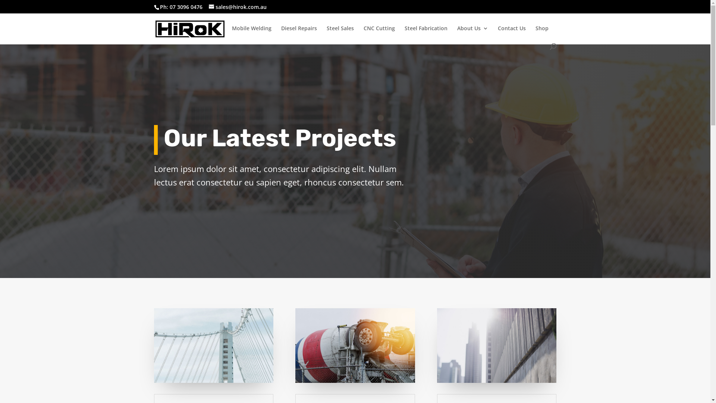 This screenshot has height=403, width=716. Describe the element at coordinates (252, 34) in the screenshot. I see `'Mobile Welding'` at that location.